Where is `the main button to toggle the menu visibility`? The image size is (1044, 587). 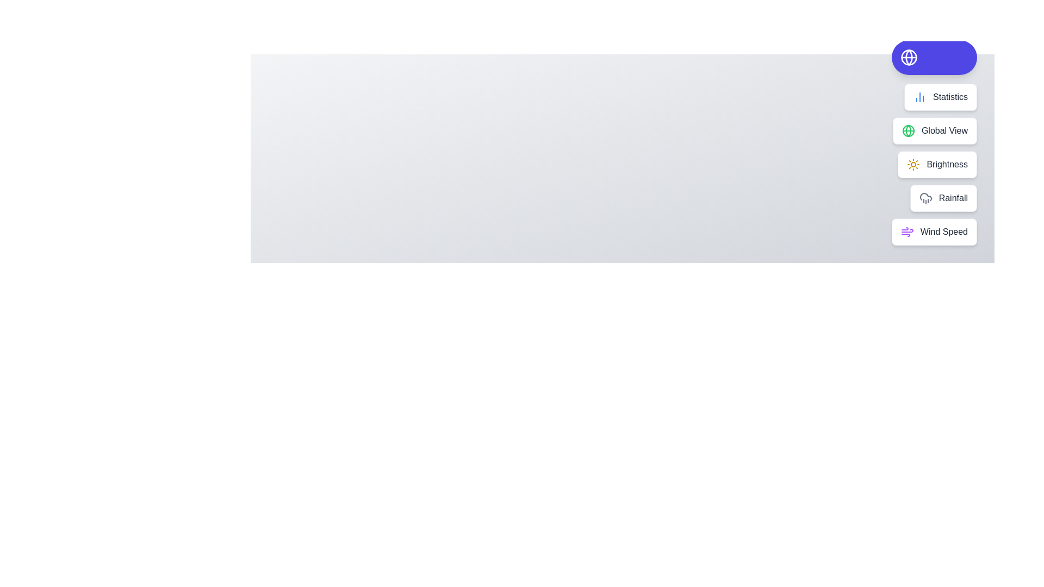 the main button to toggle the menu visibility is located at coordinates (934, 57).